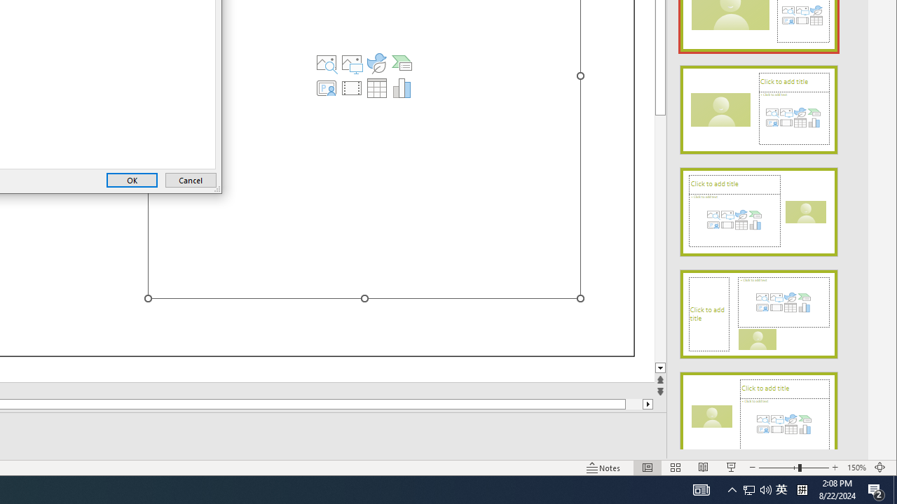 The image size is (897, 504). What do you see at coordinates (352, 63) in the screenshot?
I see `'Pictures'` at bounding box center [352, 63].